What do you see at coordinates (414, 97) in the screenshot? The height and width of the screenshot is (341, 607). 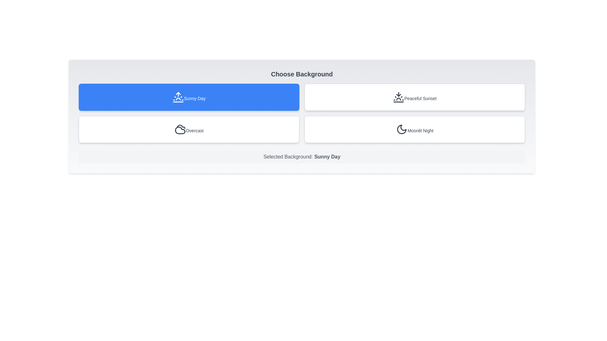 I see `the button for Peaceful Sunset to preview its hover effect` at bounding box center [414, 97].